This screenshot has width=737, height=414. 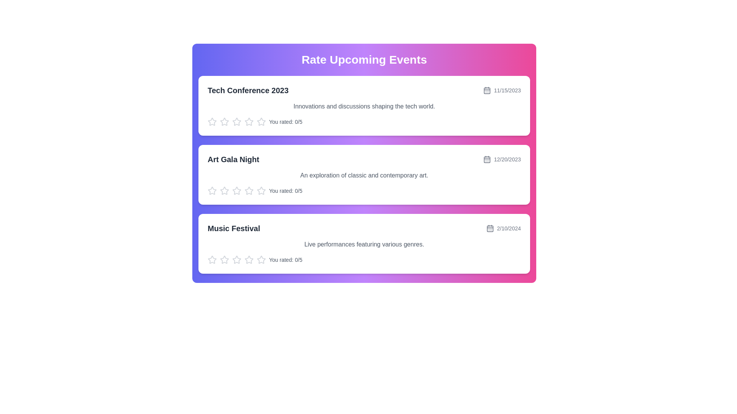 What do you see at coordinates (285, 260) in the screenshot?
I see `the text label that reads 'You rated: 0/5', which is displayed in a smaller, gray font at the bottom-right corner of the last event card, positioned below the five star icons` at bounding box center [285, 260].